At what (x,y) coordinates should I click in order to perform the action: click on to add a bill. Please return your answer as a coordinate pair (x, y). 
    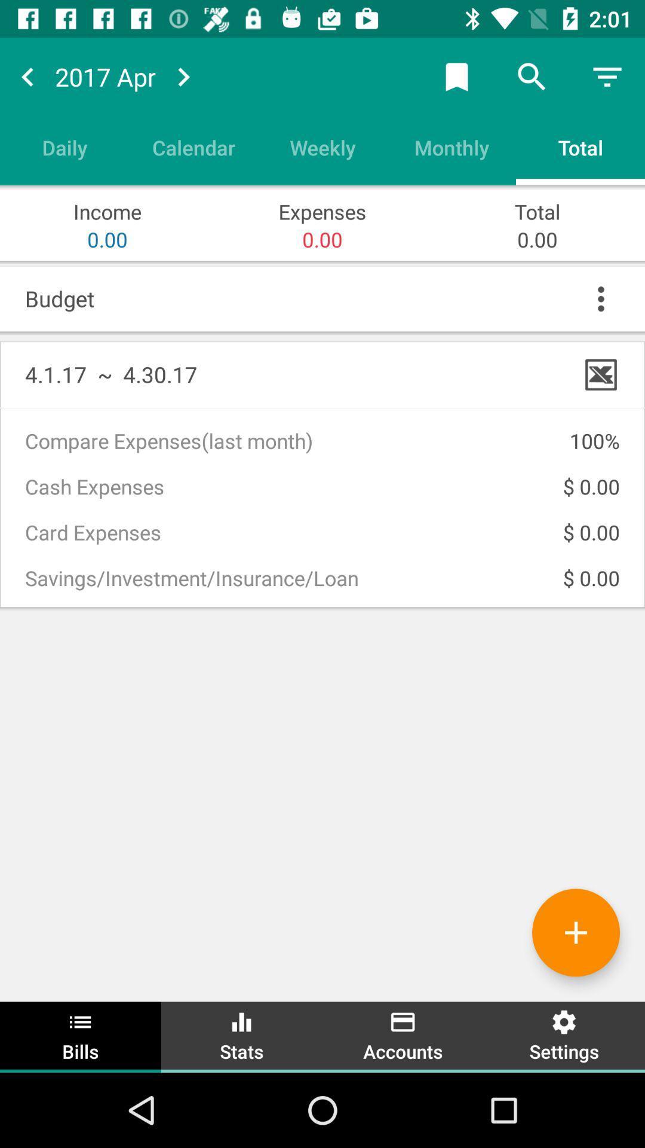
    Looking at the image, I should click on (575, 932).